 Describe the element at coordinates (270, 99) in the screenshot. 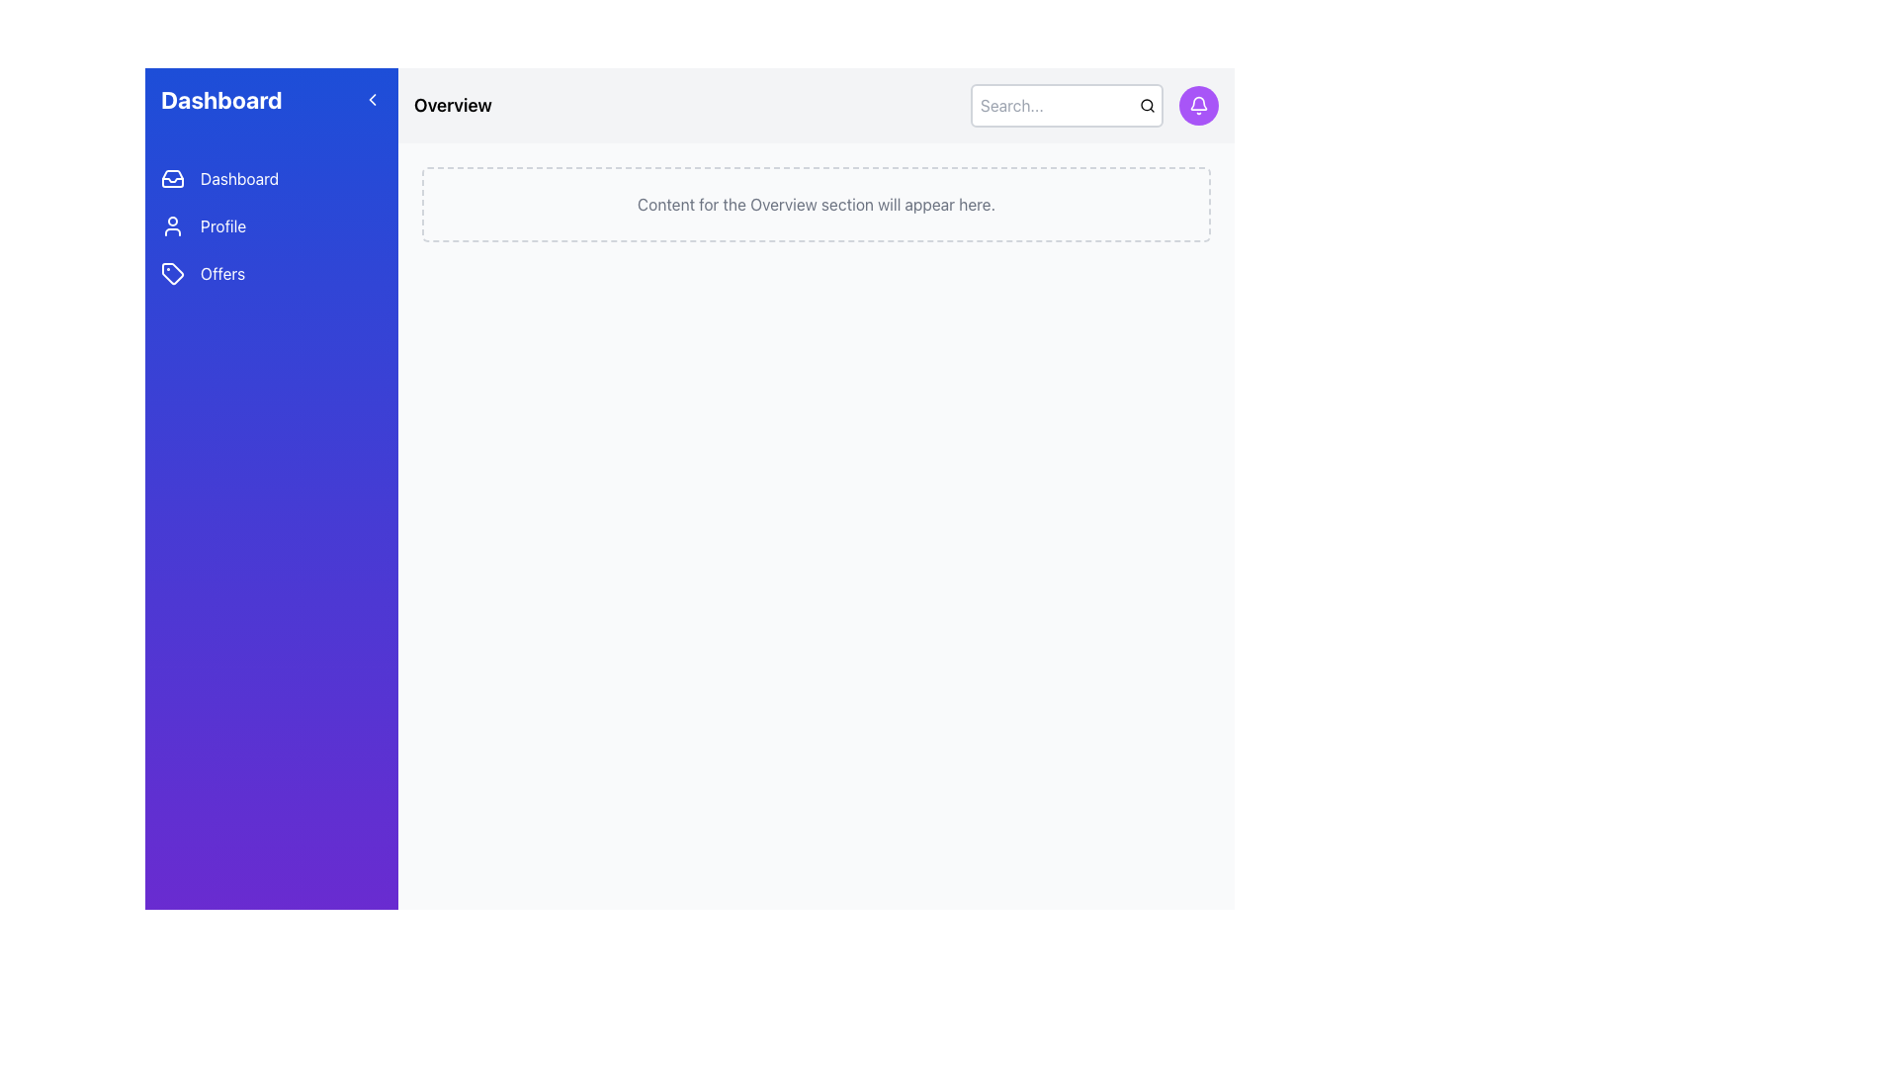

I see `the header element that displays the currently active section or application name in the vertical navigation sidebar` at that location.